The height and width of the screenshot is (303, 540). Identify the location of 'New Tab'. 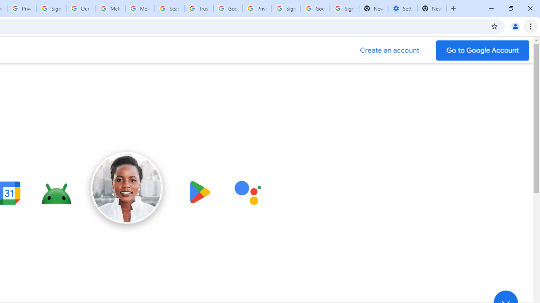
(432, 8).